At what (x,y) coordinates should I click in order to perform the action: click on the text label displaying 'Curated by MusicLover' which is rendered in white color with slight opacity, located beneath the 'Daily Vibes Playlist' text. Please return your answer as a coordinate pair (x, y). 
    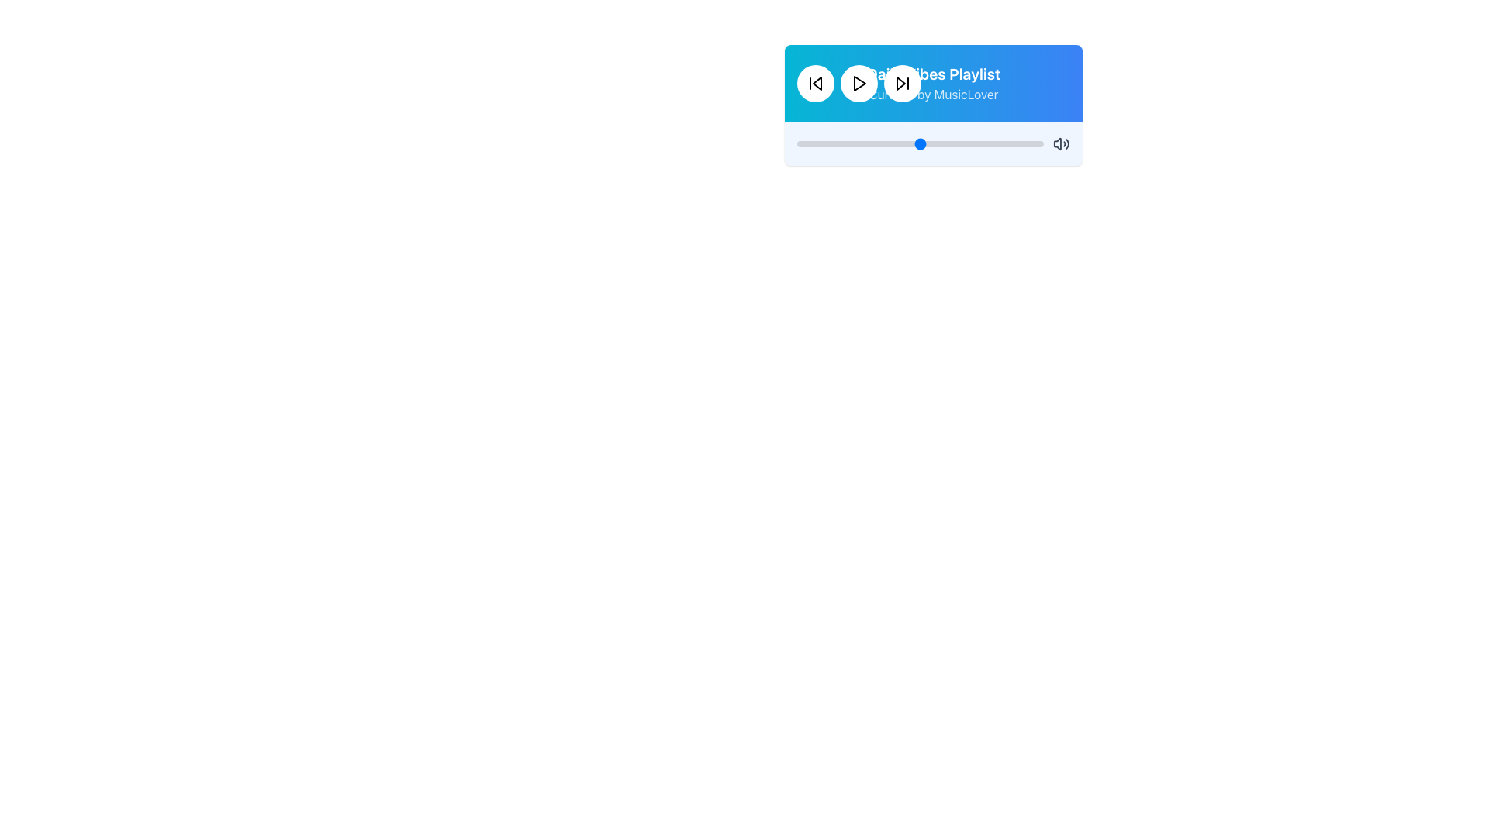
    Looking at the image, I should click on (933, 95).